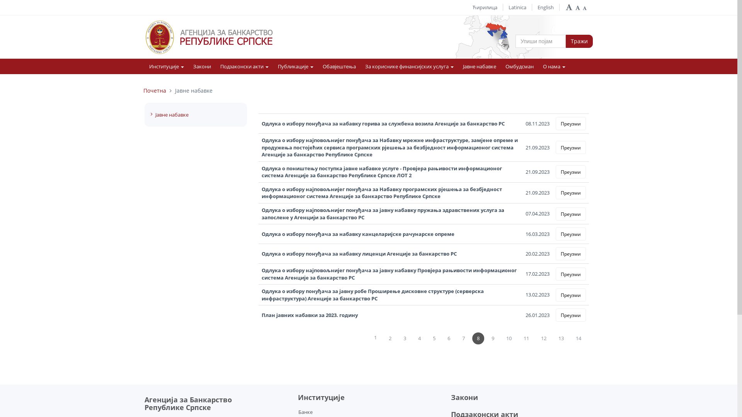  I want to click on '12', so click(543, 338).